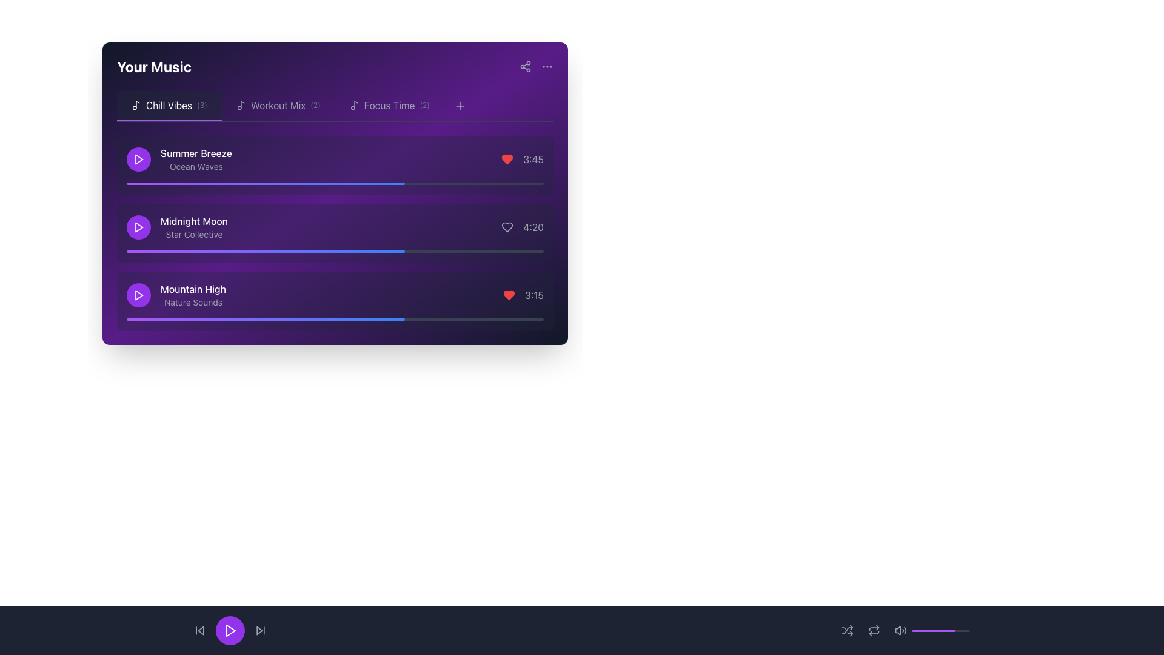  Describe the element at coordinates (194, 227) in the screenshot. I see `title and subtitle of the music item in the playlist labeled 'Chill Vibes', which is the second item in the list, located to the right of the circular play button` at that location.